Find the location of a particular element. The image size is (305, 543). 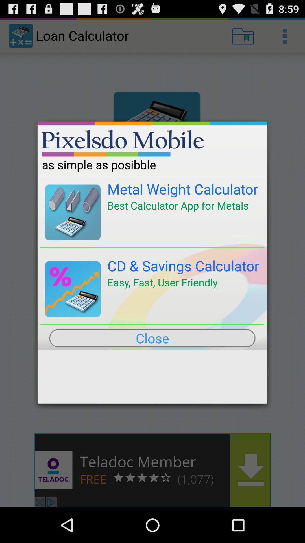

easy fast user item is located at coordinates (162, 282).